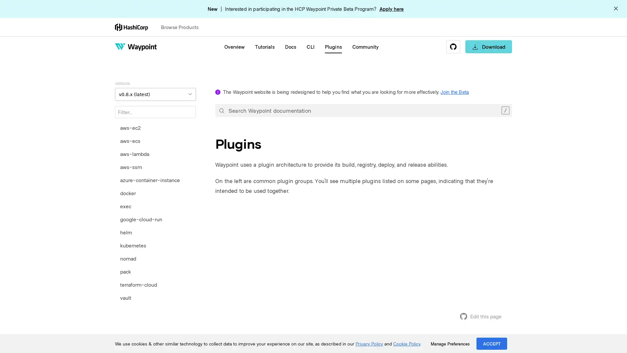 This screenshot has height=353, width=627. Describe the element at coordinates (616, 9) in the screenshot. I see `Dismiss alert` at that location.